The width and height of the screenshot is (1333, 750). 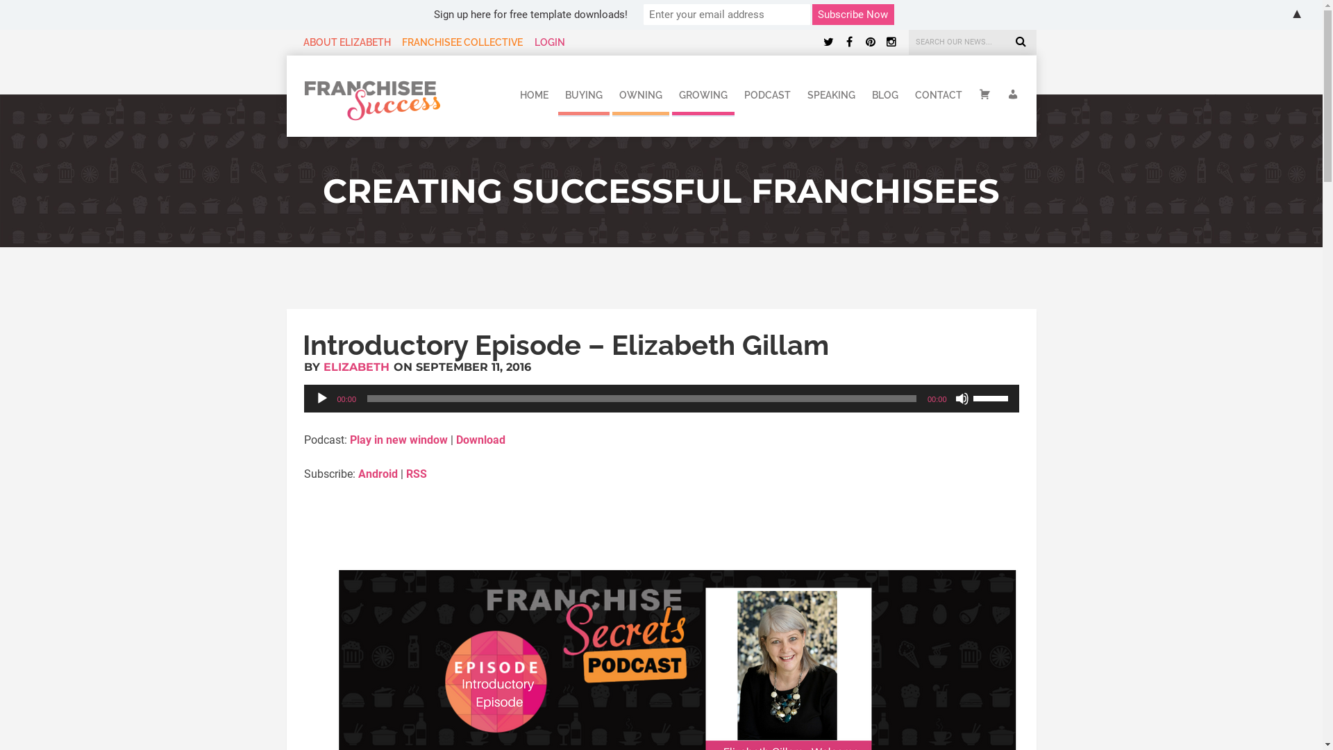 What do you see at coordinates (830, 92) in the screenshot?
I see `'SPEAKING'` at bounding box center [830, 92].